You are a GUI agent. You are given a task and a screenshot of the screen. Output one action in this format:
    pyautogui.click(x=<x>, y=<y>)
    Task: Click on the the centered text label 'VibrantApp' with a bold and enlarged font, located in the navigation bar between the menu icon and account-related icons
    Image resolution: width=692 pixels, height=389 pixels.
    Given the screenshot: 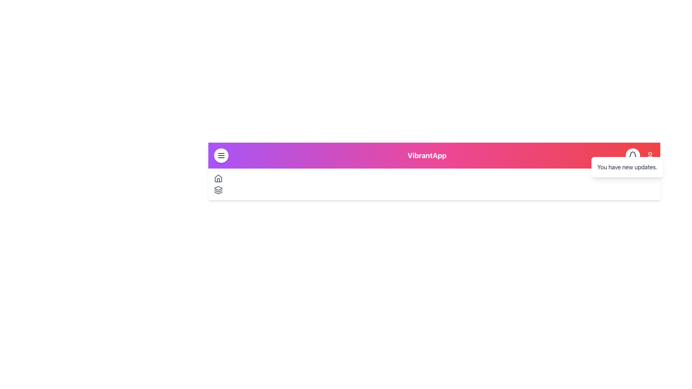 What is the action you would take?
    pyautogui.click(x=427, y=155)
    